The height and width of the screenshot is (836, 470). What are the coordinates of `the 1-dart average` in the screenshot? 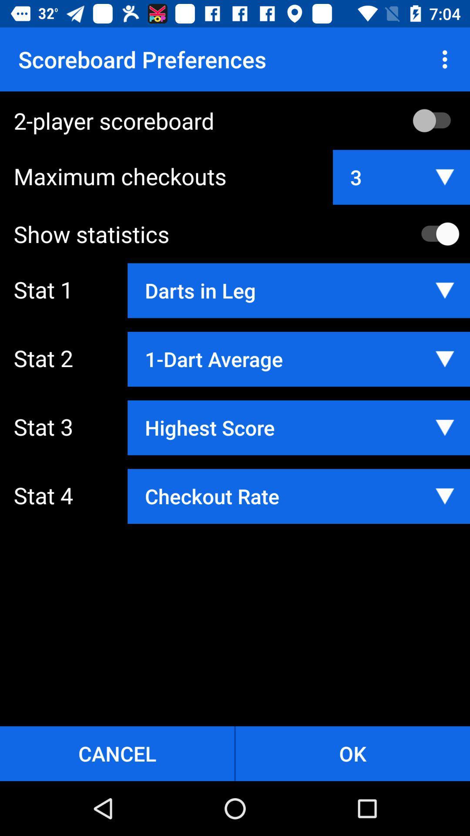 It's located at (298, 359).